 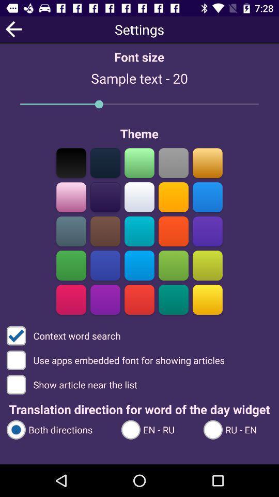 What do you see at coordinates (71, 231) in the screenshot?
I see `the color bar` at bounding box center [71, 231].